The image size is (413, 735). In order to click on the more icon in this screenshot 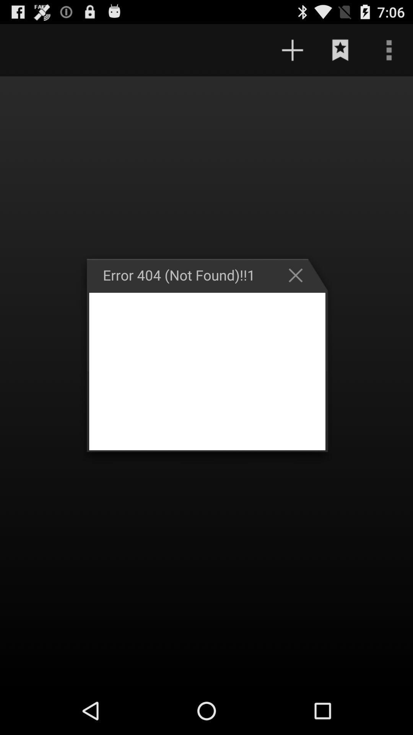, I will do `click(389, 53)`.